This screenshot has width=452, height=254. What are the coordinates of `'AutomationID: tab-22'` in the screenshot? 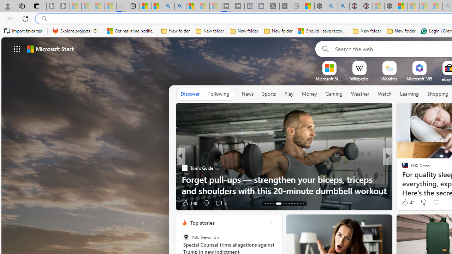 It's located at (294, 204).